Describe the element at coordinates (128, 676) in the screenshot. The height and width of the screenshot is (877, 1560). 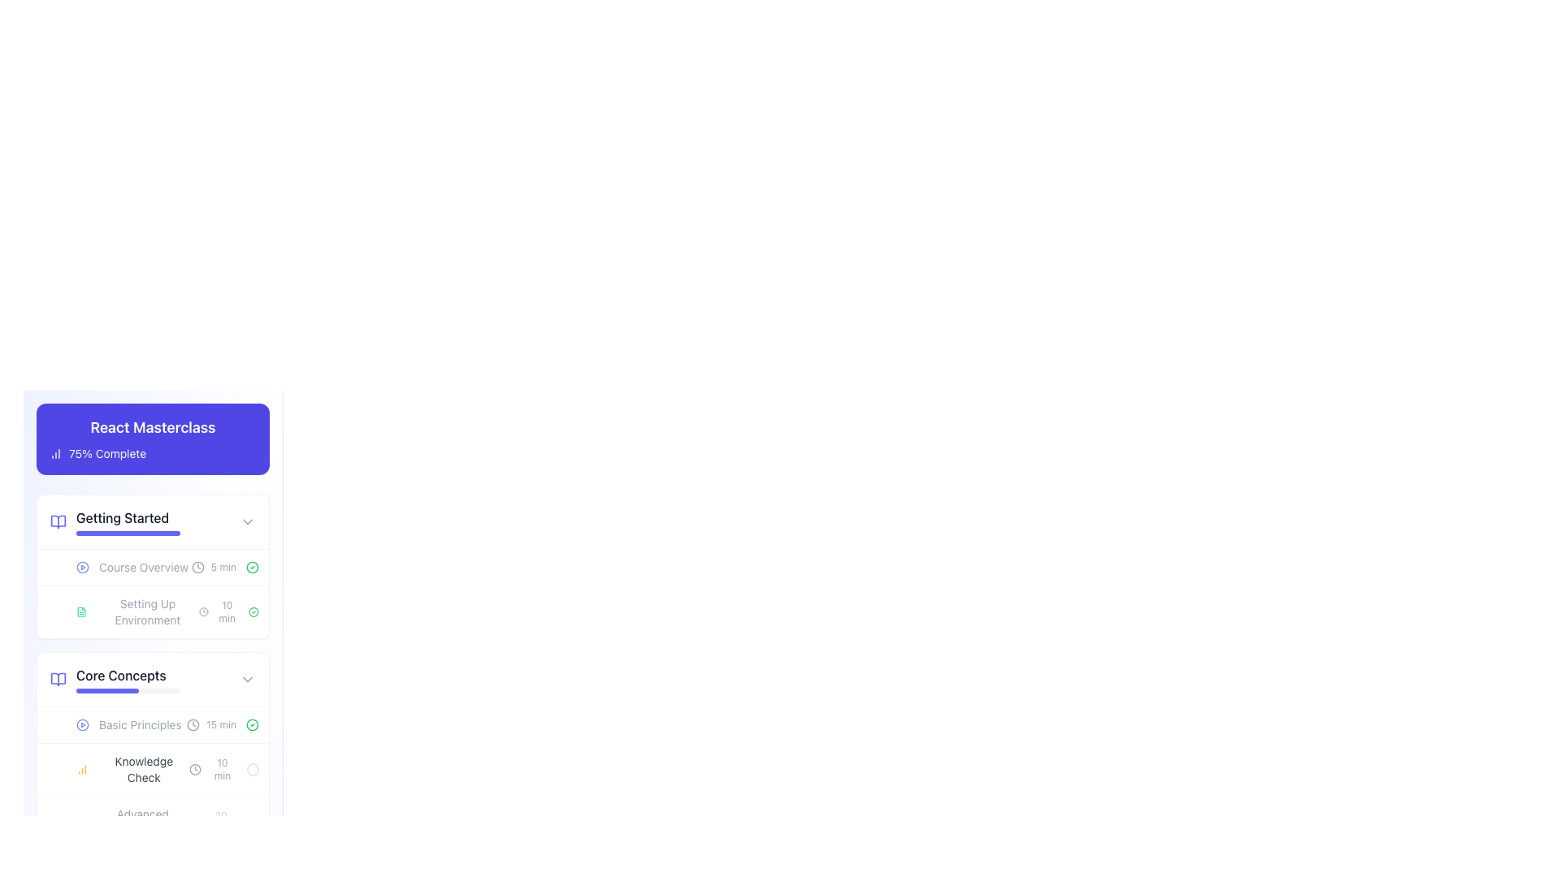
I see `text content of the 'Core Concepts' label, which is a bold text label positioned under the 'Getting Started' block of the 'React Masterclass' section` at that location.